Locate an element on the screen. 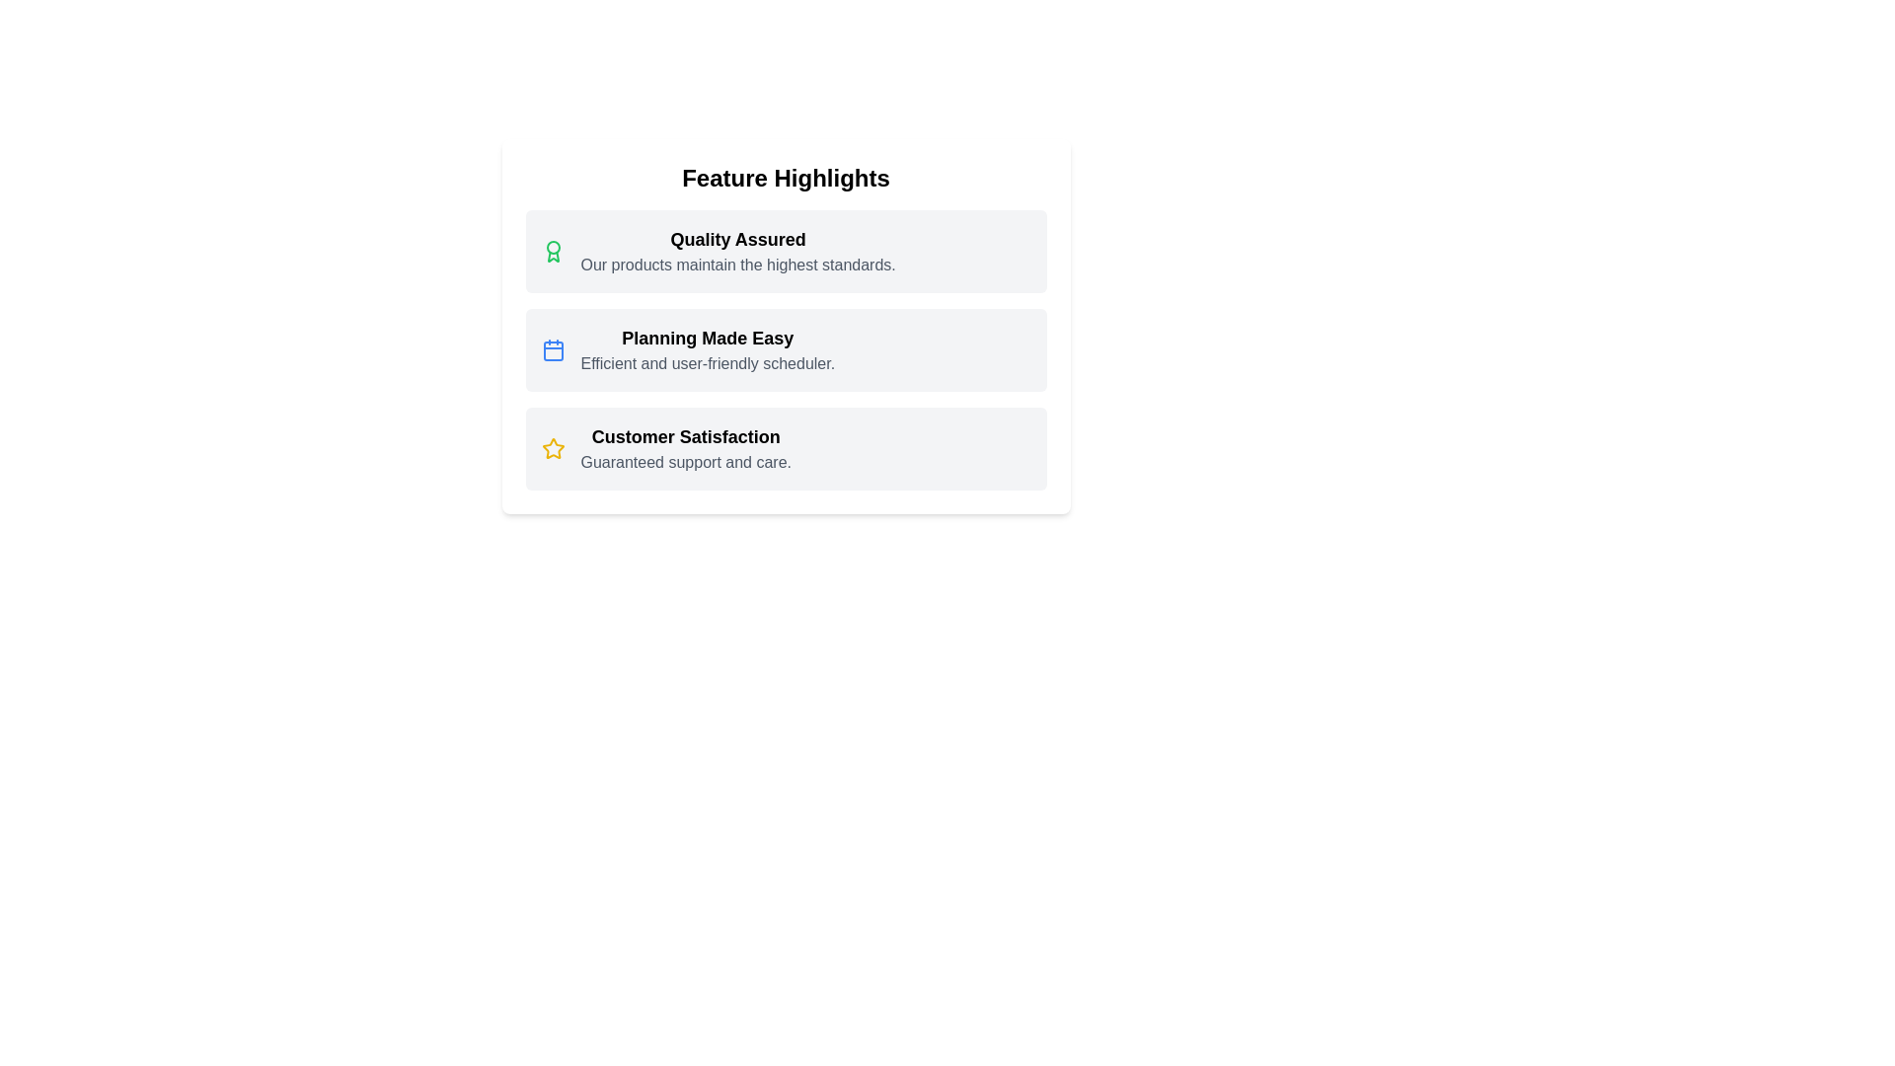 The image size is (1895, 1066). the highlighted feature card titled 'Planning Made Easy', which features a calendar icon and is styled with a light gray background, positioned centrally in the list of three cards is located at coordinates (785, 348).